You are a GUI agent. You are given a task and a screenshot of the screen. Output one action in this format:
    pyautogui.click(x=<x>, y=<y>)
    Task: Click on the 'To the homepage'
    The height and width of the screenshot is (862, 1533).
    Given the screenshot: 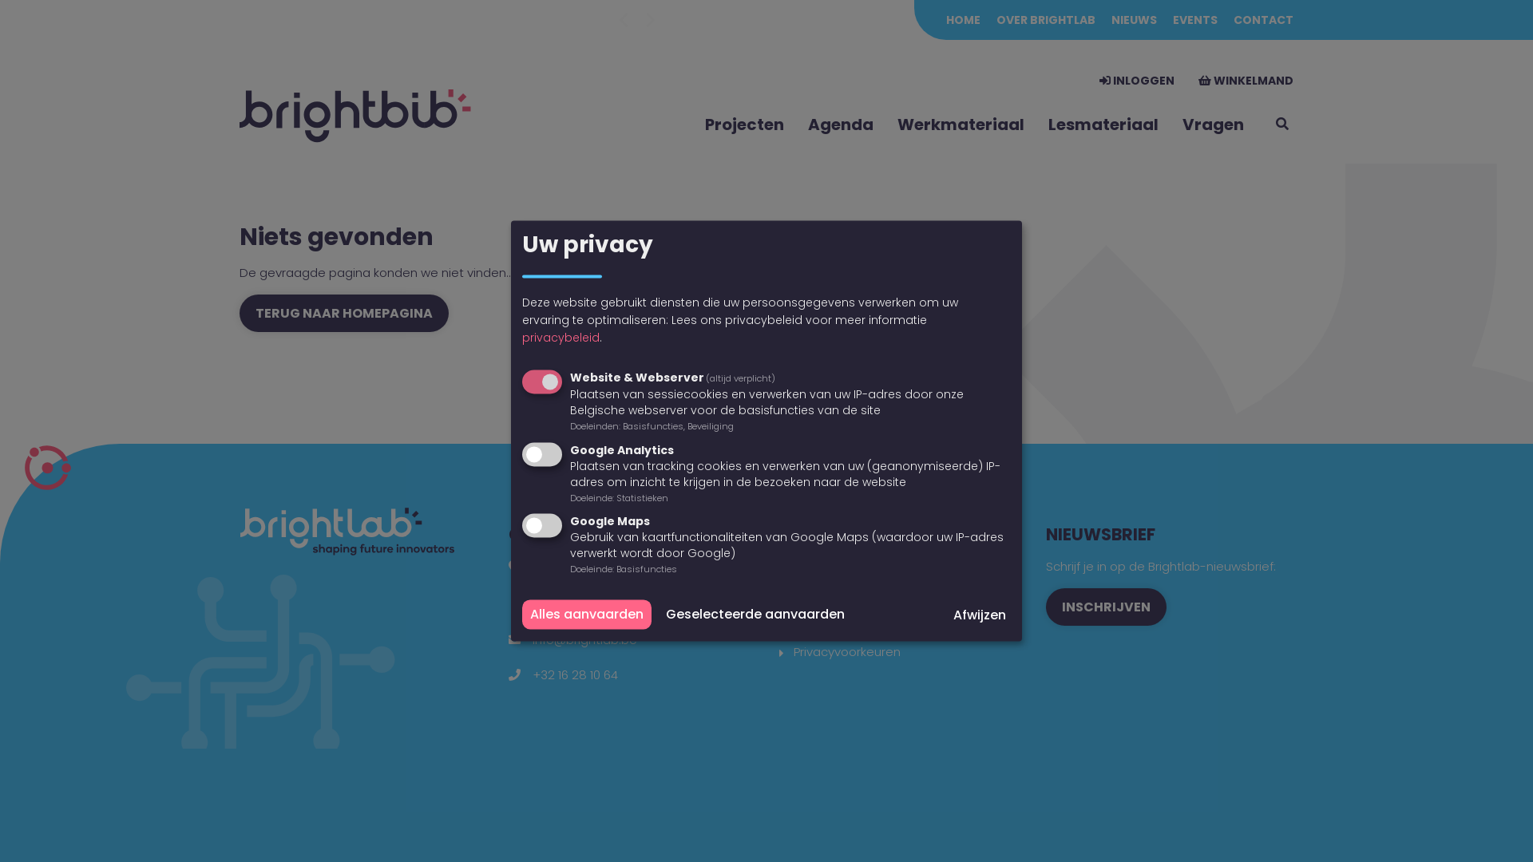 What is the action you would take?
    pyautogui.click(x=358, y=116)
    